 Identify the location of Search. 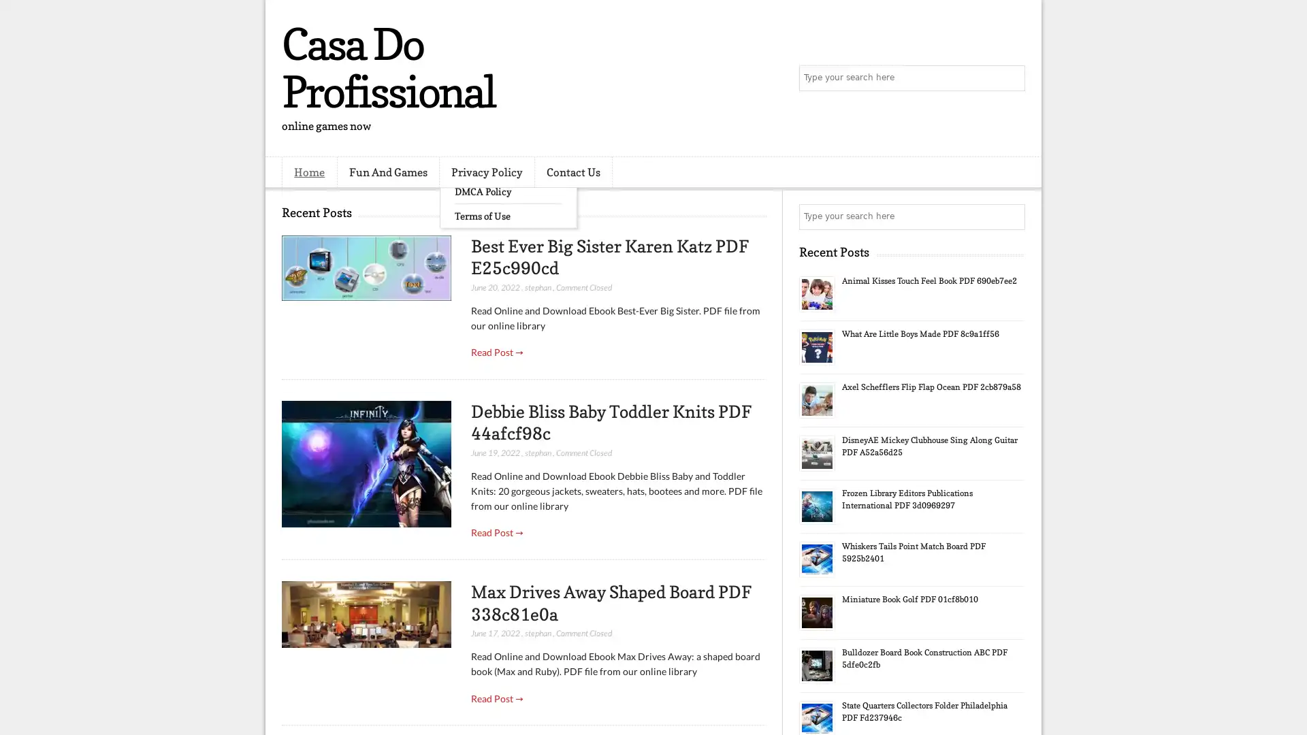
(1011, 216).